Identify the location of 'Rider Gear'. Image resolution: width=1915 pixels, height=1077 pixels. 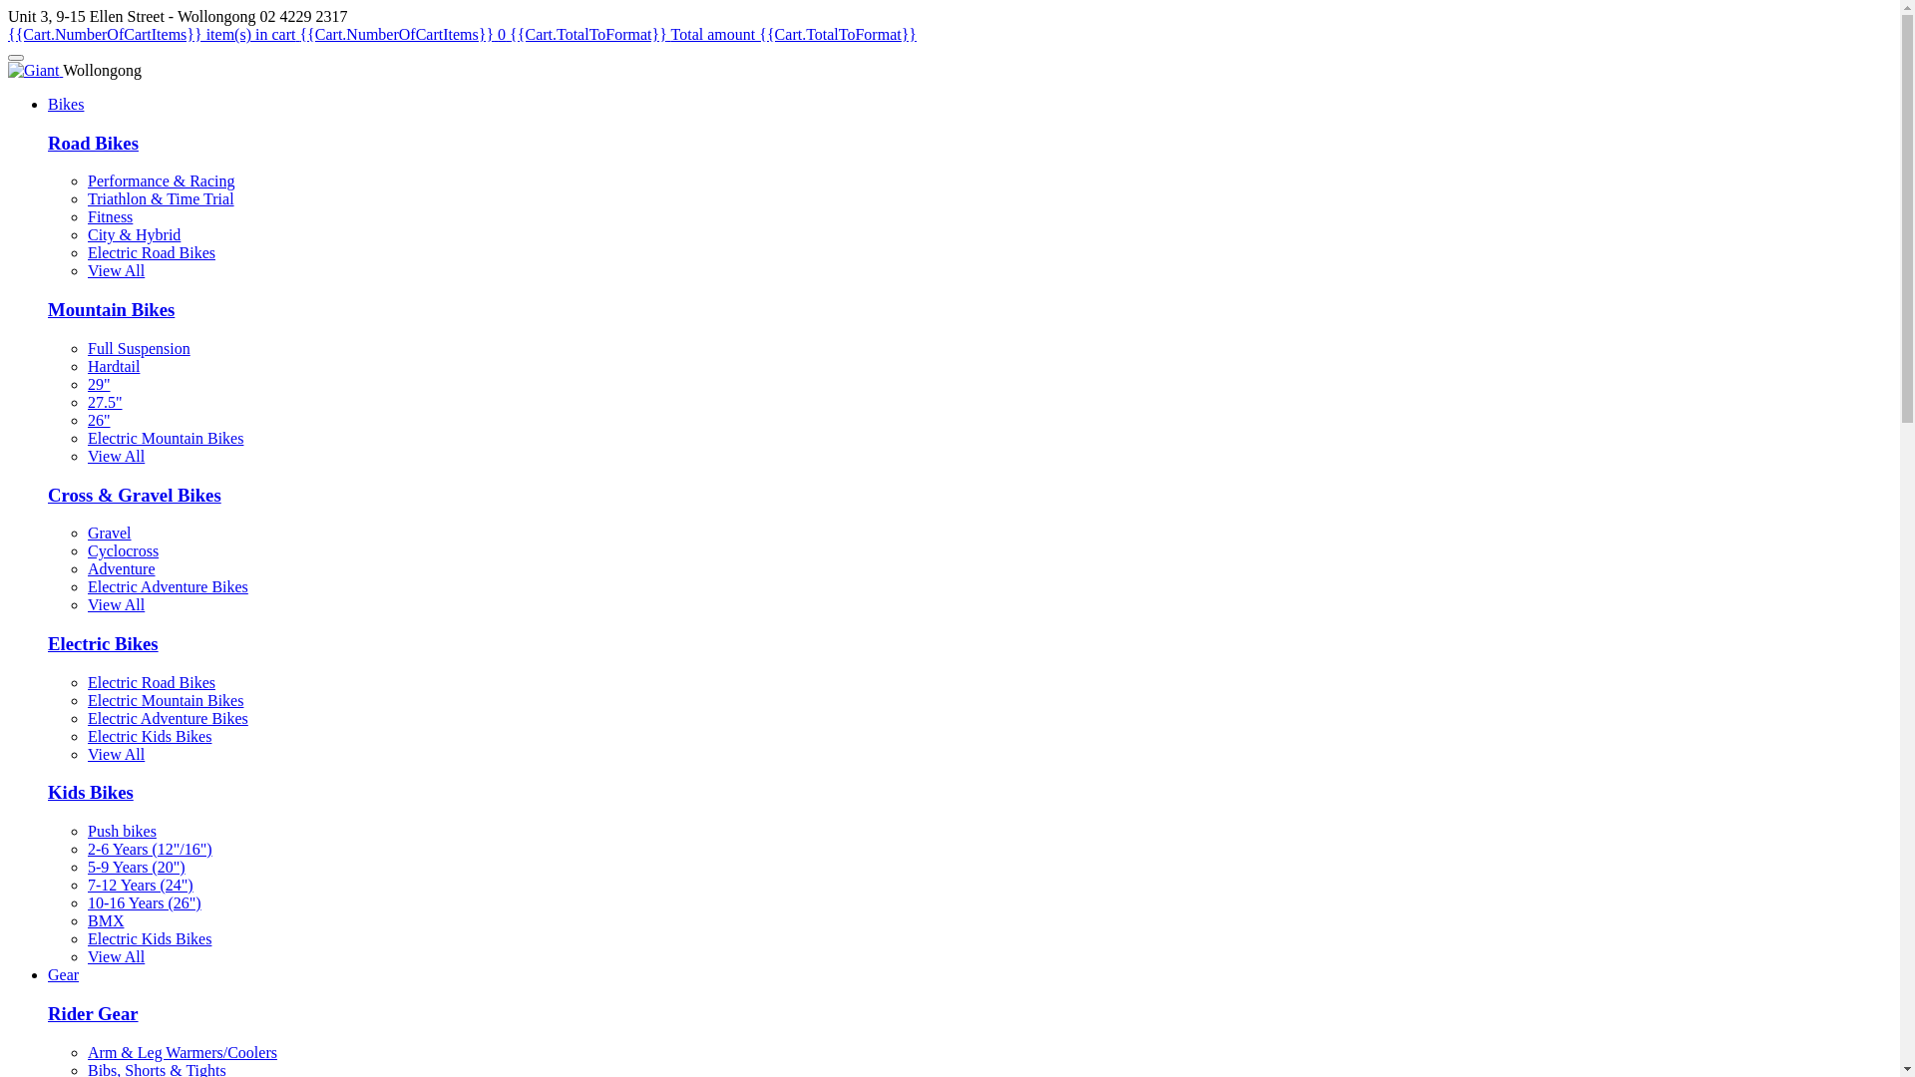
(92, 1013).